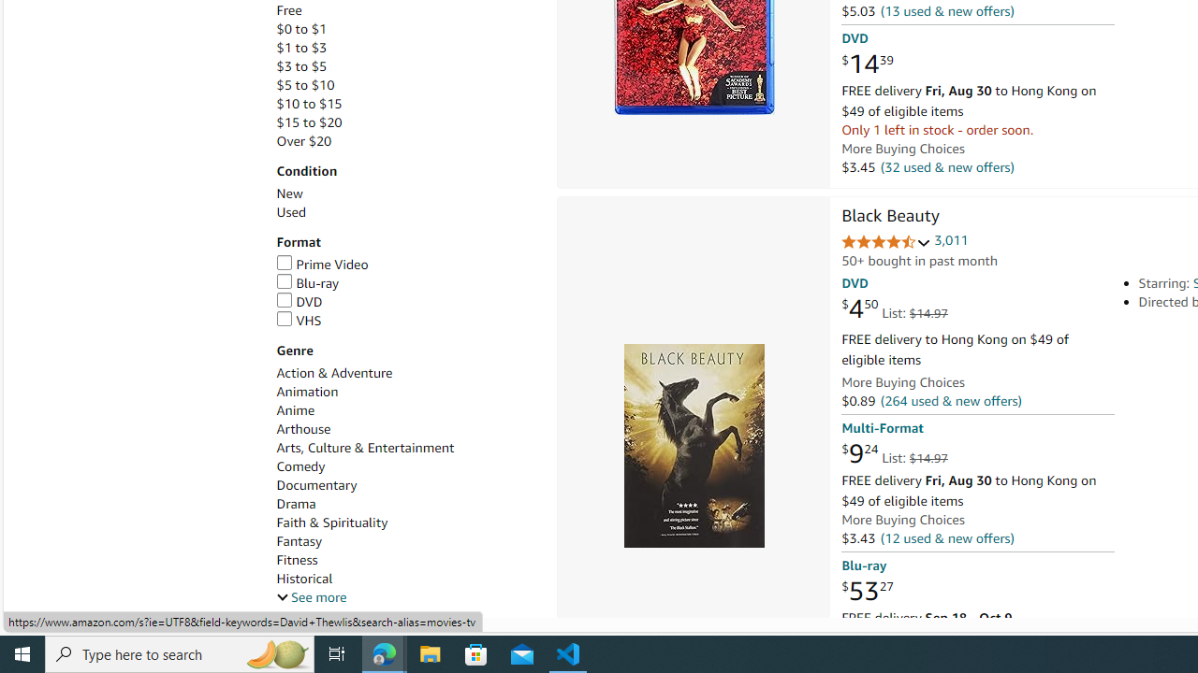  What do you see at coordinates (311, 597) in the screenshot?
I see `'See more, Genre'` at bounding box center [311, 597].